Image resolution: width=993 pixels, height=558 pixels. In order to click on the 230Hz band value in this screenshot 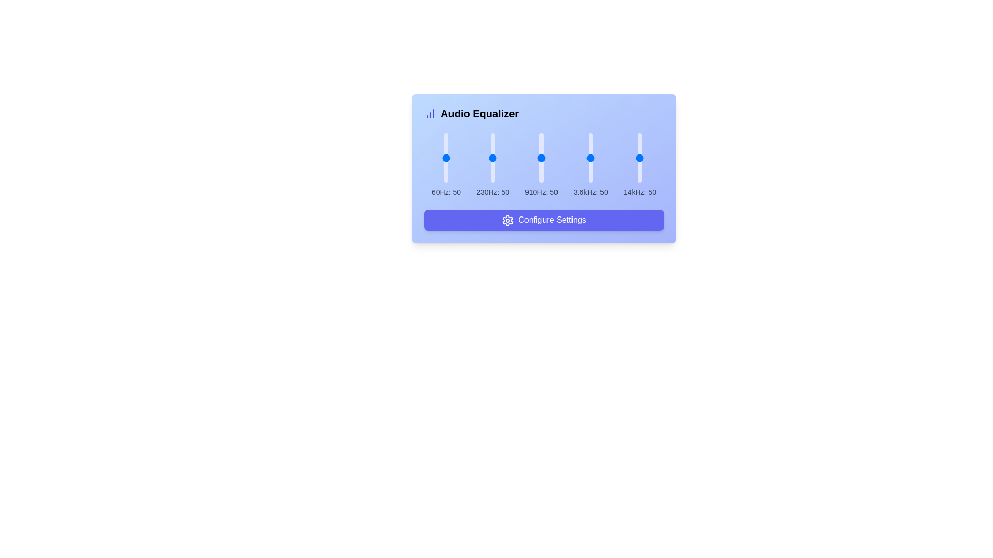, I will do `click(492, 138)`.